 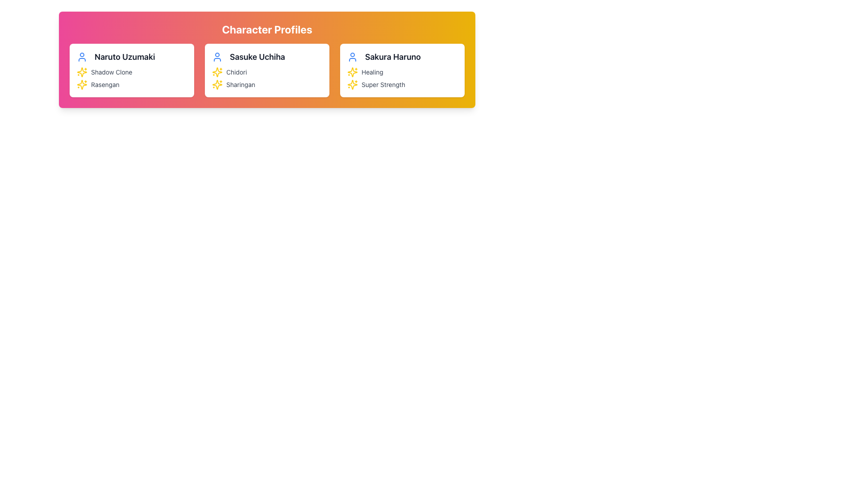 What do you see at coordinates (124, 57) in the screenshot?
I see `the text field displaying 'Naruto Uzumaki' in bold dark gray font, located within the character profiles section` at bounding box center [124, 57].